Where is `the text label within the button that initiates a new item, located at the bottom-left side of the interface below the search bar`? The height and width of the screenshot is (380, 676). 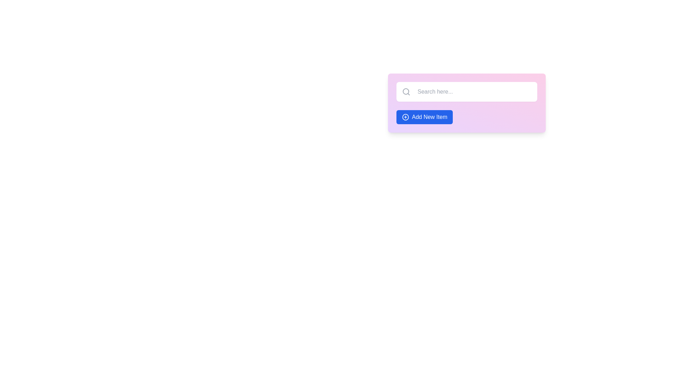
the text label within the button that initiates a new item, located at the bottom-left side of the interface below the search bar is located at coordinates (429, 116).